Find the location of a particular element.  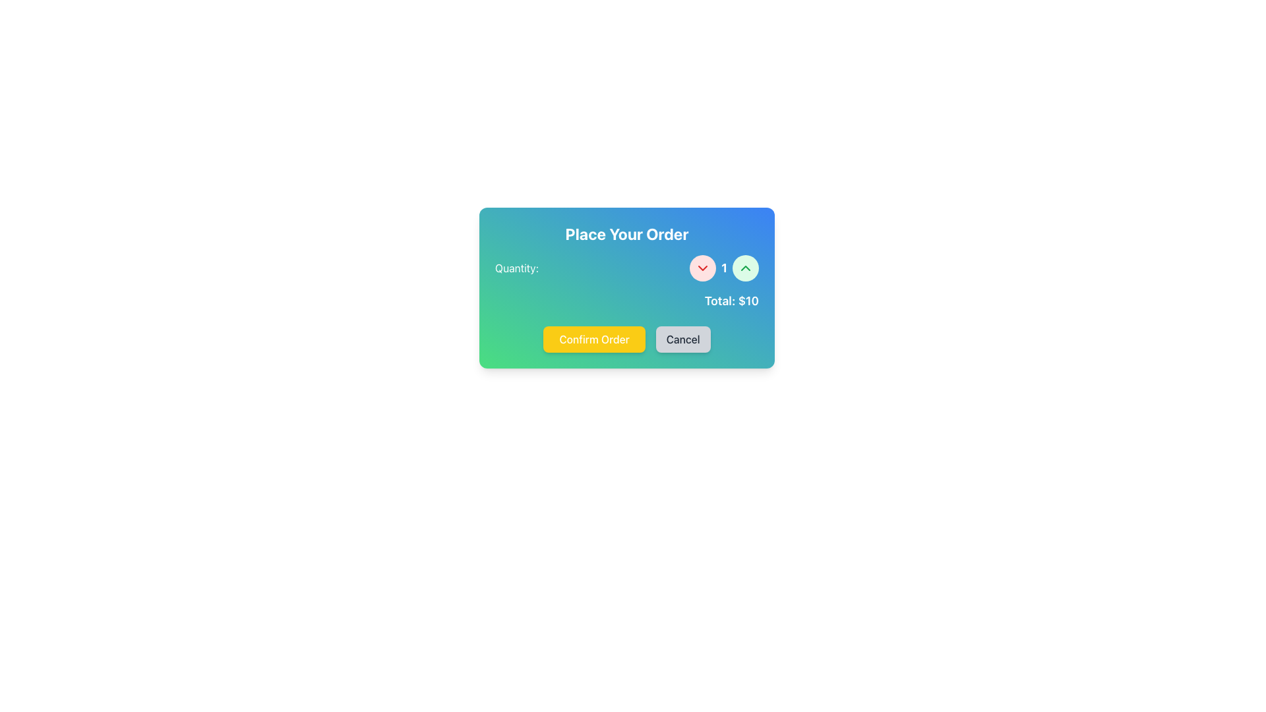

the cancel button located to the right of the 'Confirm Order' button in the modal is located at coordinates (683, 339).